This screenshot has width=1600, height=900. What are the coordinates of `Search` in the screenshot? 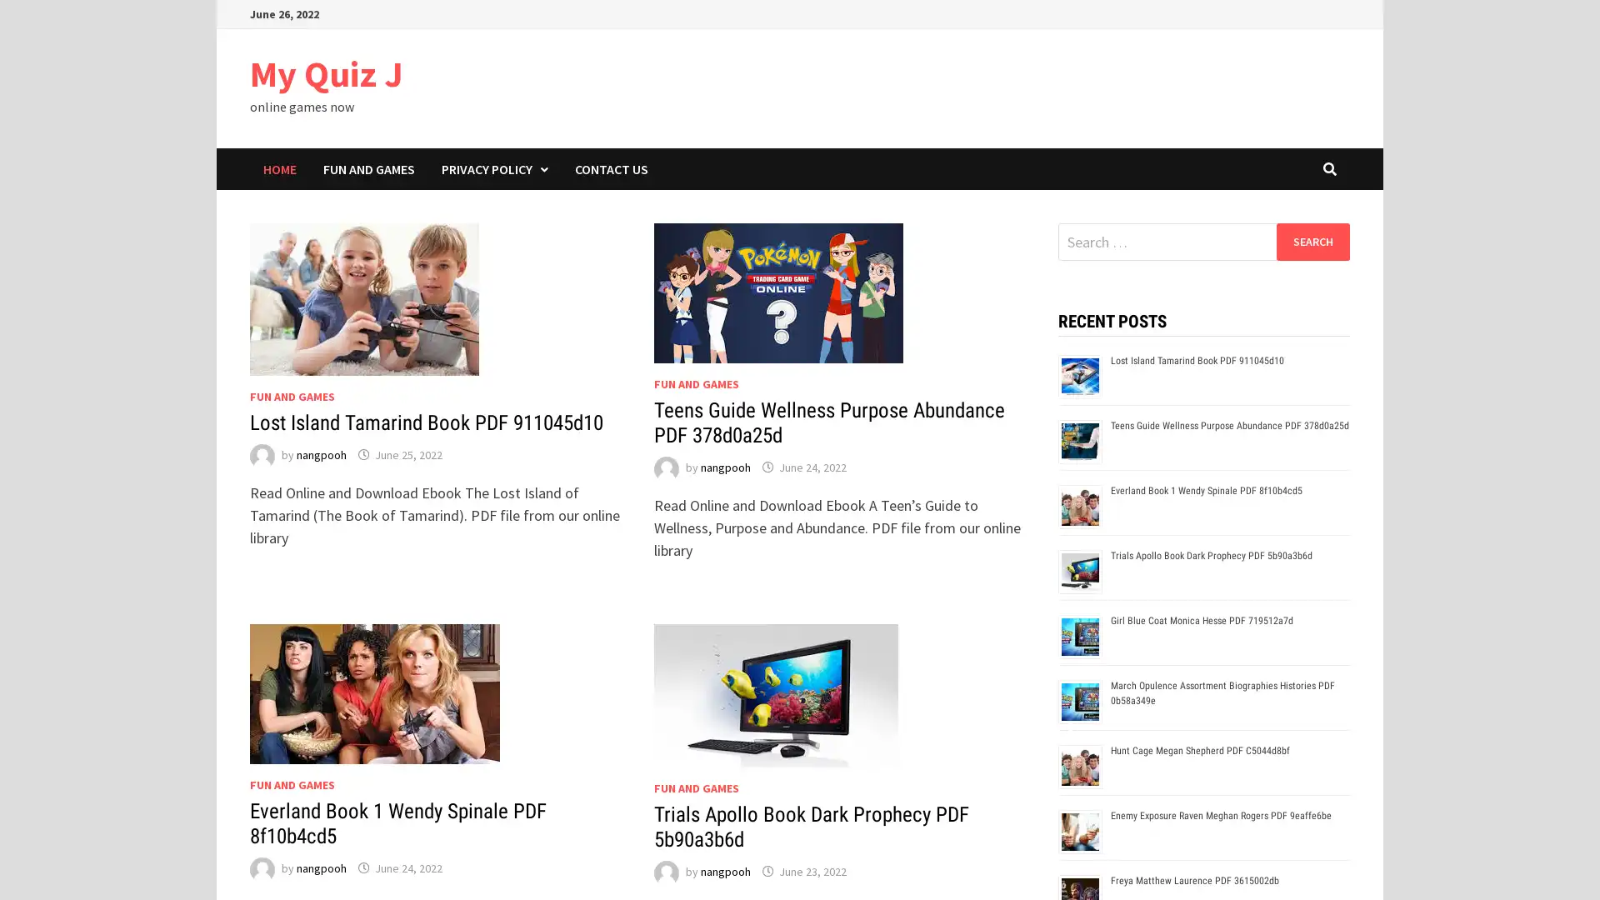 It's located at (1312, 241).